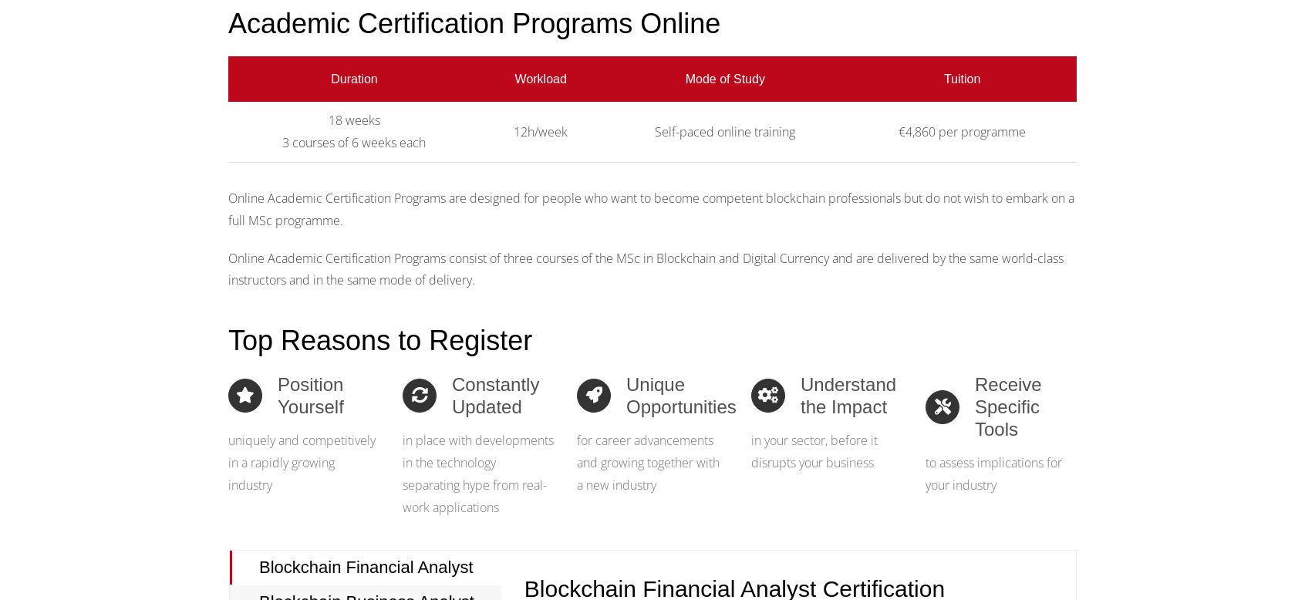  What do you see at coordinates (1007, 406) in the screenshot?
I see `'Receive Specific Tools'` at bounding box center [1007, 406].